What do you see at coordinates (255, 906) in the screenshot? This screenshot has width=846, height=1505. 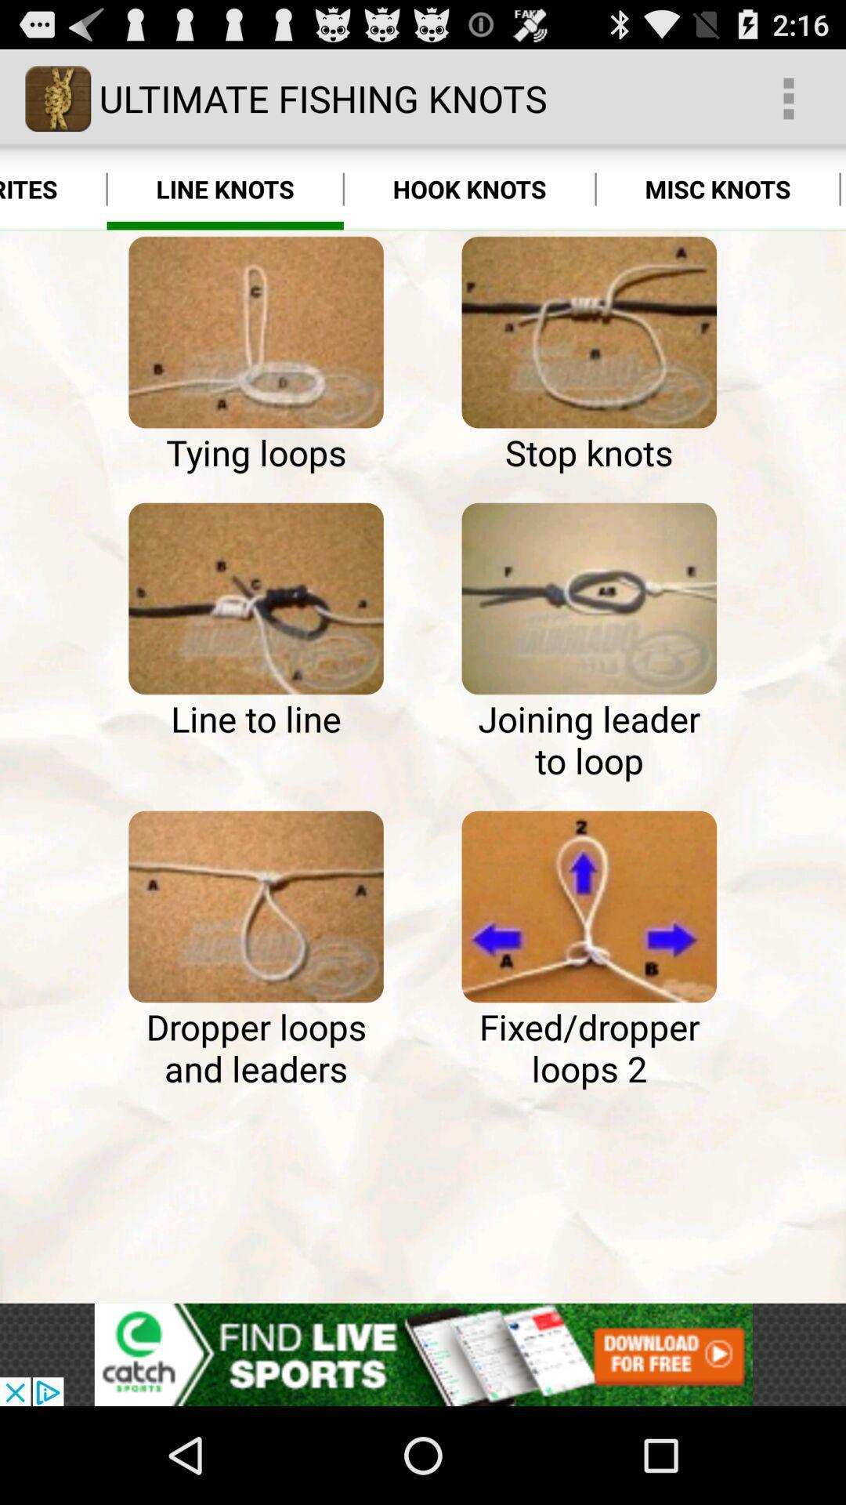 I see `line knot type dropper loops and leaders` at bounding box center [255, 906].